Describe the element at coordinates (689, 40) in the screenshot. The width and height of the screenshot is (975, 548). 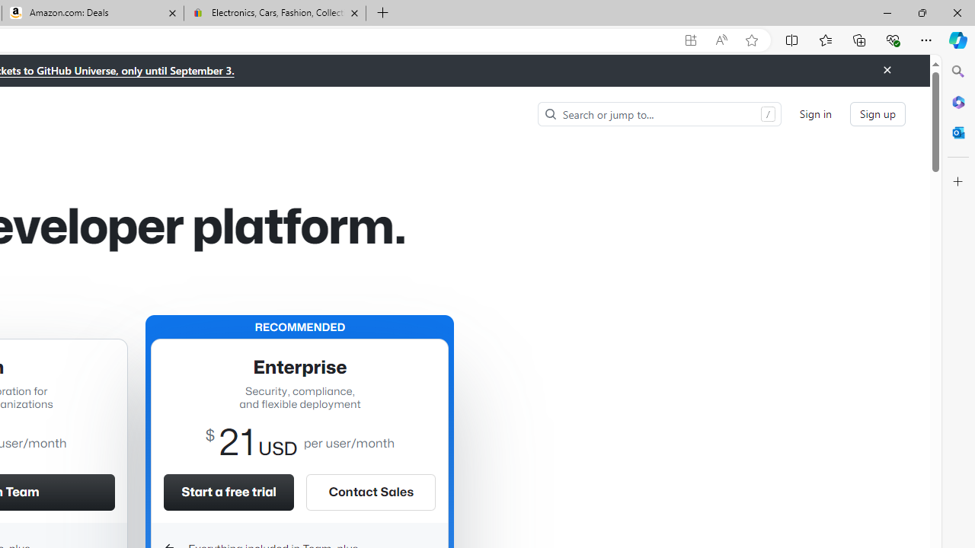
I see `'App available. Install GitHub'` at that location.